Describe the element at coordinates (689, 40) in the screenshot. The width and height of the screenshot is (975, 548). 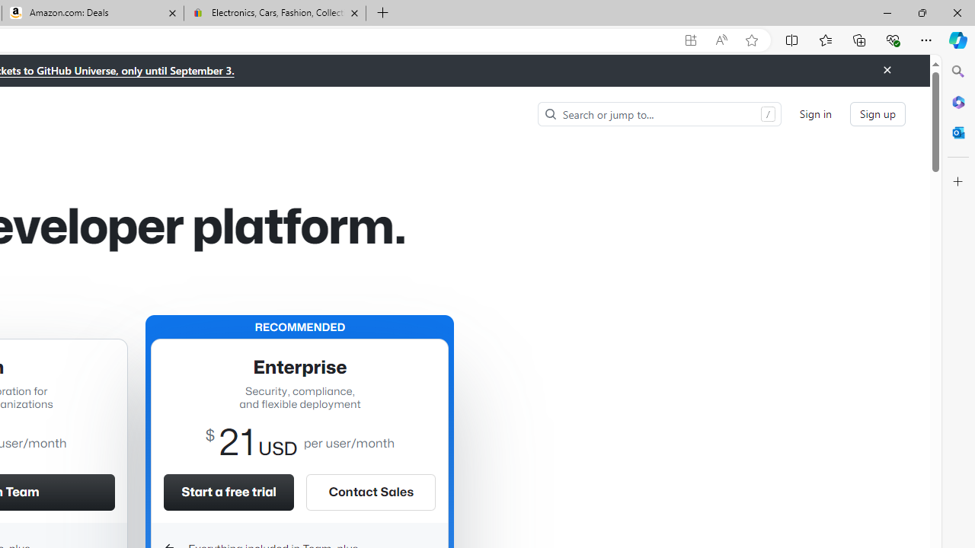
I see `'App available. Install GitHub'` at that location.